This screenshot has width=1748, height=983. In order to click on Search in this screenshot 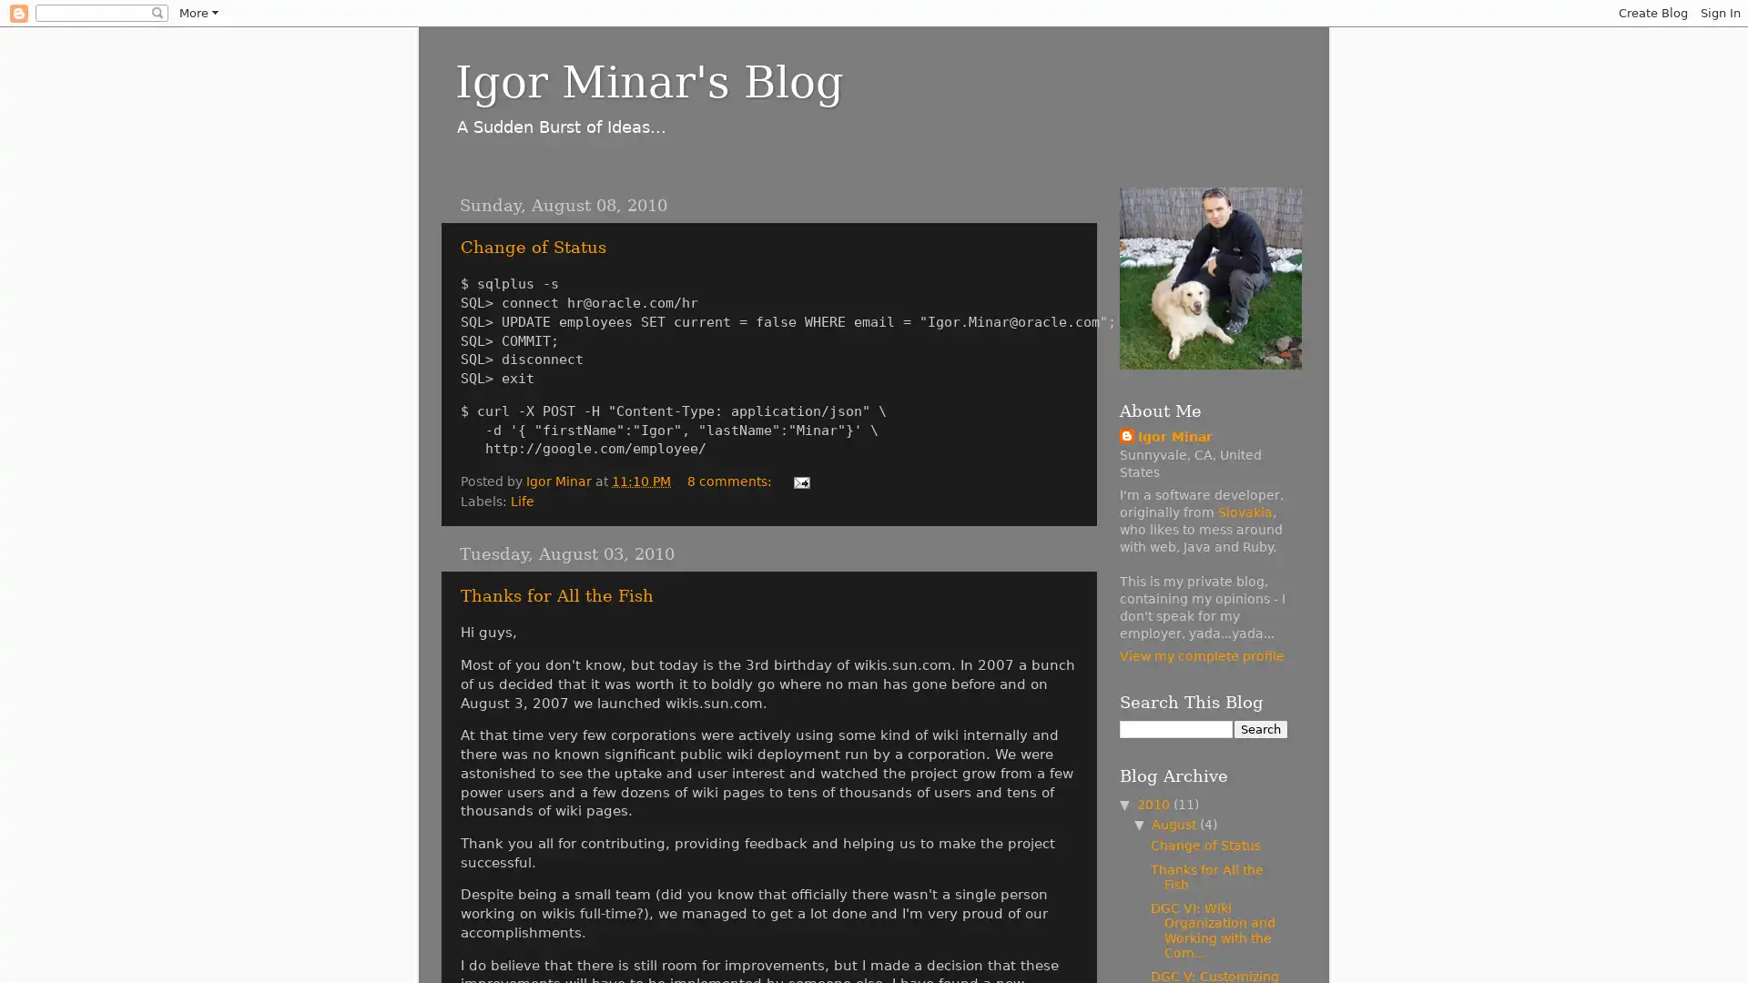, I will do `click(1260, 728)`.